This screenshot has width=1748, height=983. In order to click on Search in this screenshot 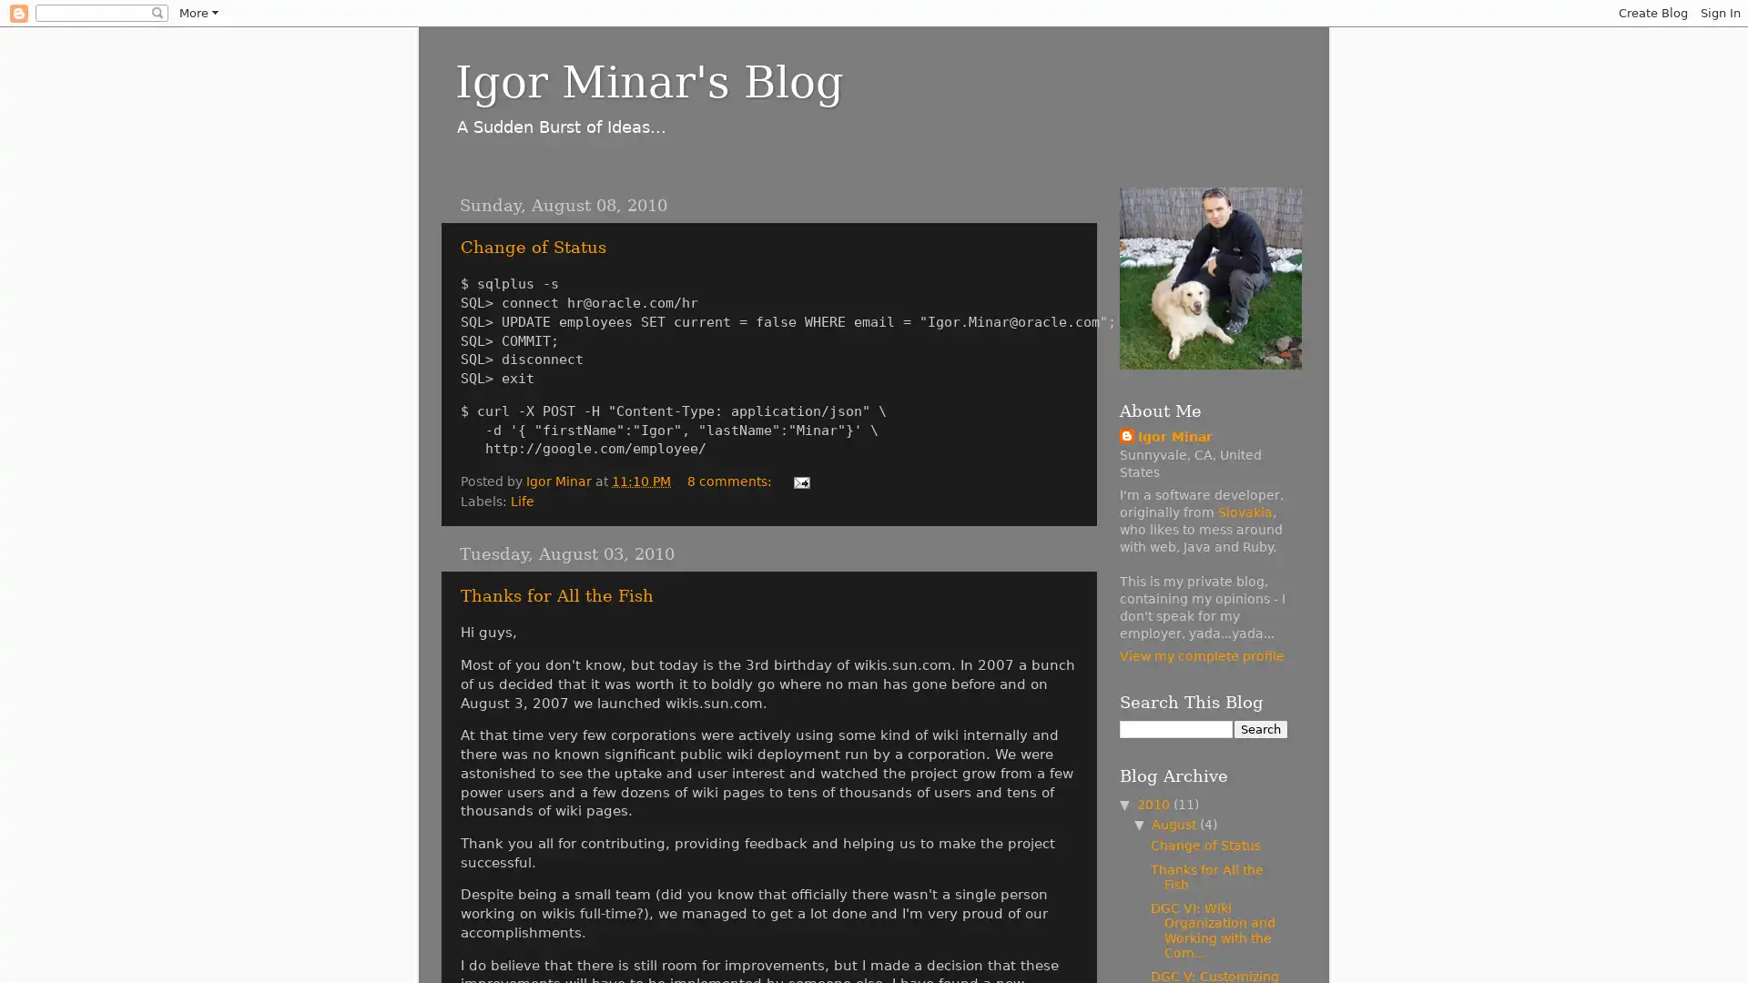, I will do `click(1260, 728)`.